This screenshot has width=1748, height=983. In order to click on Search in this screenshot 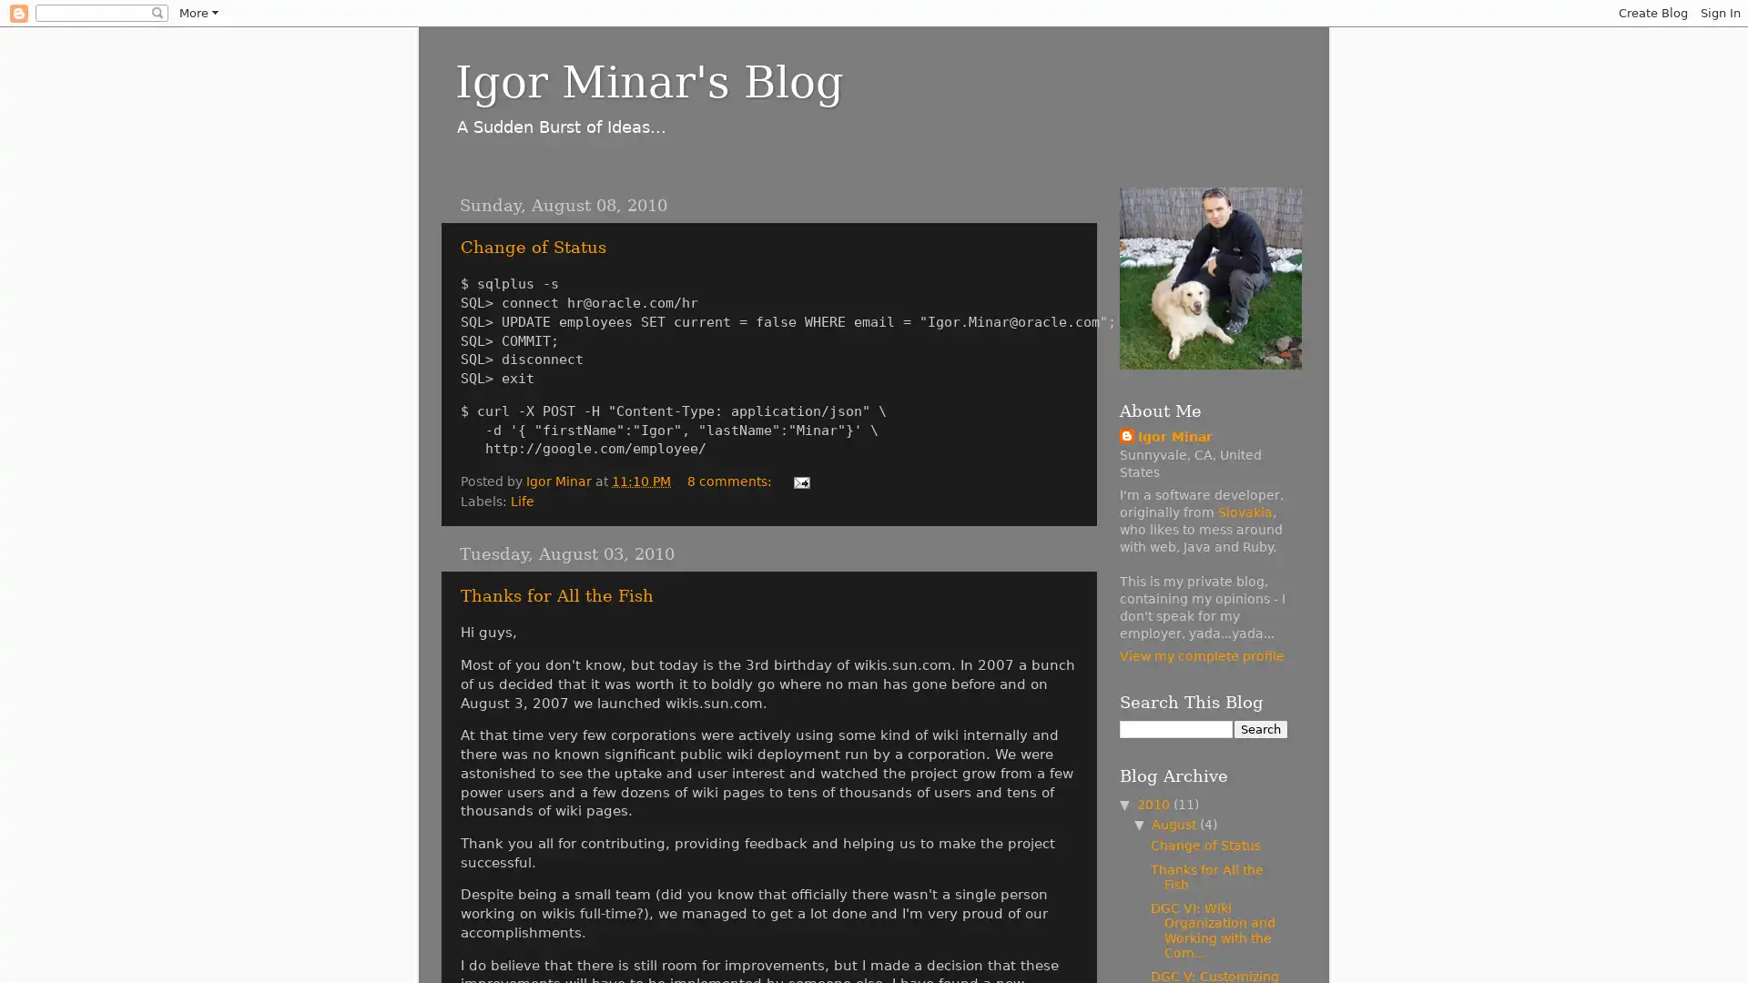, I will do `click(1260, 728)`.